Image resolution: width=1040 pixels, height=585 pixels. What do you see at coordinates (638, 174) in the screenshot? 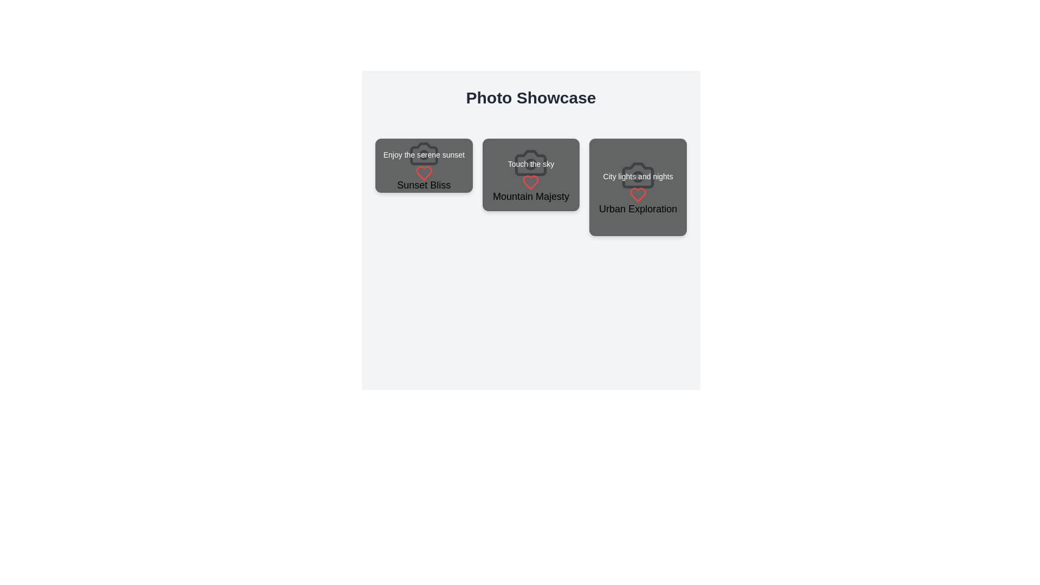
I see `the camera icon centered within the 'Urban Exploration' card for potential interactions` at bounding box center [638, 174].